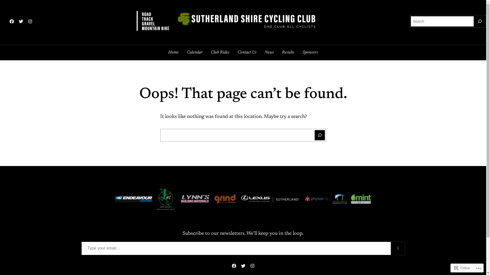 The height and width of the screenshot is (275, 490). What do you see at coordinates (186, 52) in the screenshot?
I see `'Calendar'` at bounding box center [186, 52].